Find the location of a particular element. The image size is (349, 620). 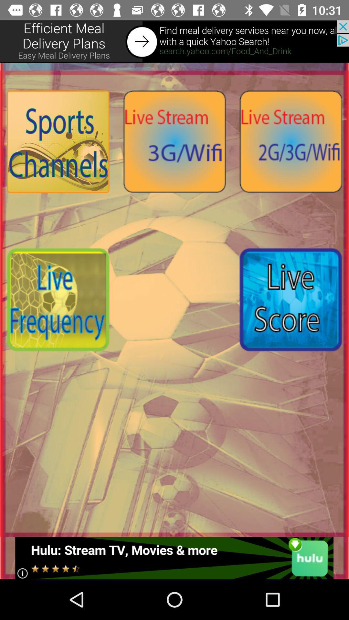

live stream is located at coordinates (290, 141).